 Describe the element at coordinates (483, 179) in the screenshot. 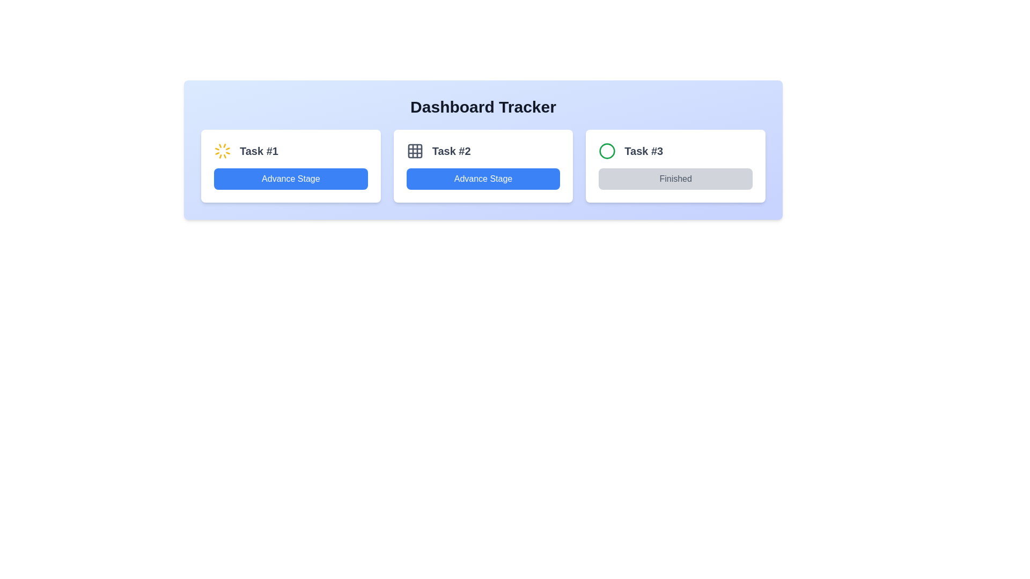

I see `the rectangular button with rounded corners that has a blue background and white text reading 'Advance Stage'` at that location.